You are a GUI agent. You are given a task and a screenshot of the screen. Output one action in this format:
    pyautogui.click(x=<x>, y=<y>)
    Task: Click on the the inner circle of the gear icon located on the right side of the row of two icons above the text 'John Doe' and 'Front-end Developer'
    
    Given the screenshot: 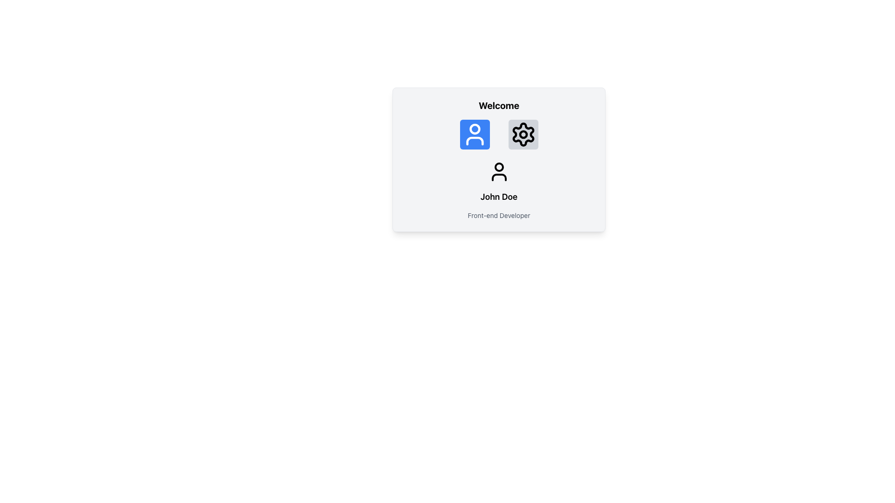 What is the action you would take?
    pyautogui.click(x=523, y=135)
    